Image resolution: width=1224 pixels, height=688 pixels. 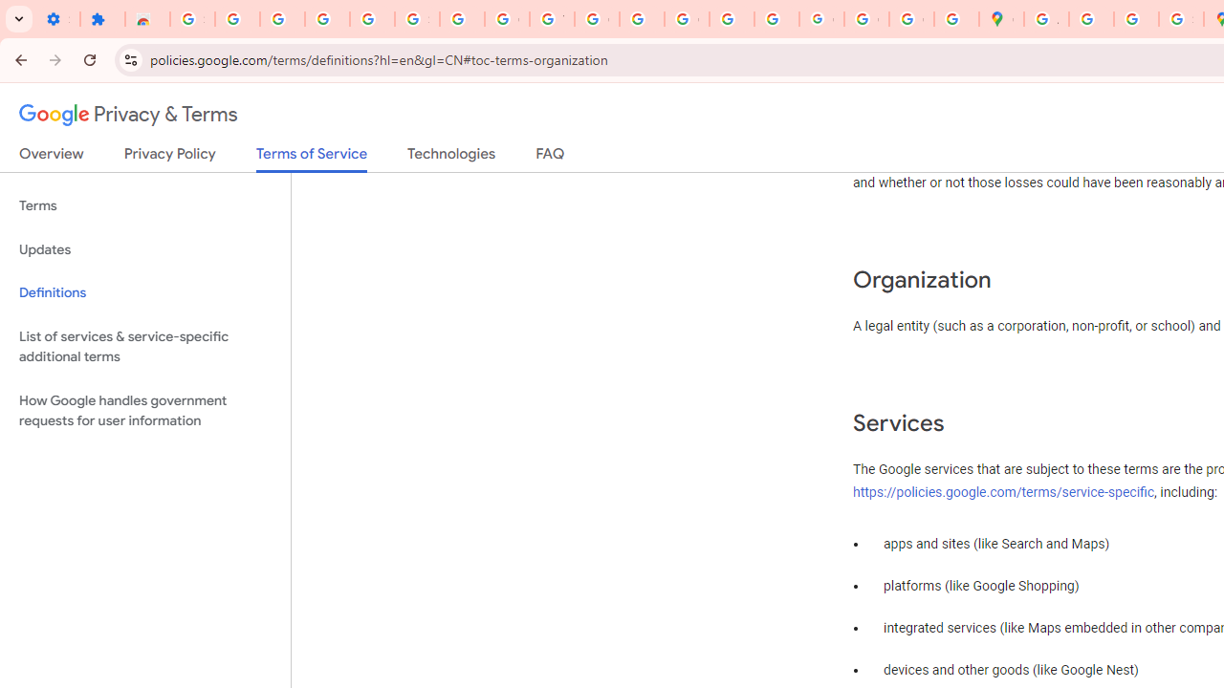 I want to click on 'Reviews: Helix Fruit Jump Arcade Game', so click(x=146, y=19).